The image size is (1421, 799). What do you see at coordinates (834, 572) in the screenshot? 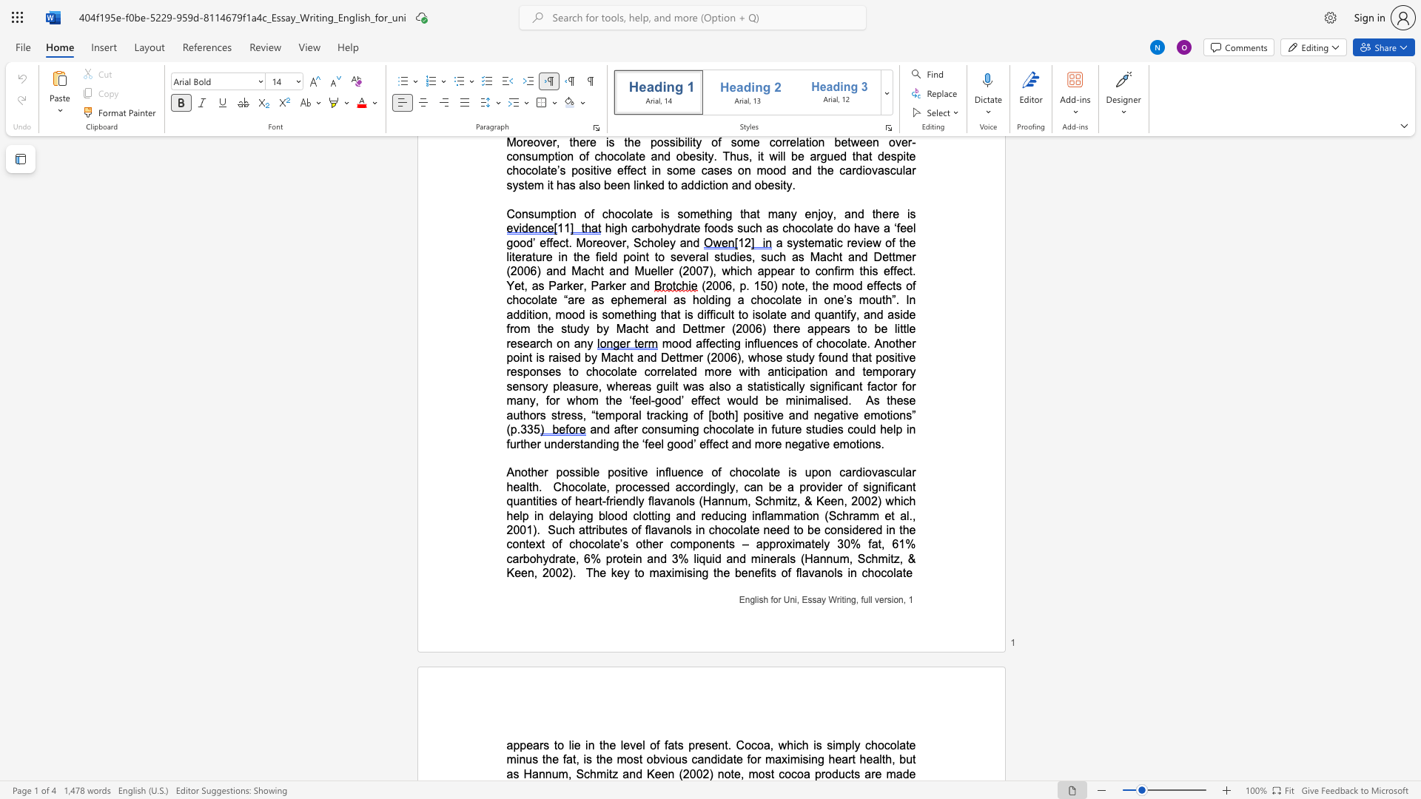
I see `the subset text "ls in" within the text "The key to maximising the benefits of flavanols in chocolate"` at bounding box center [834, 572].